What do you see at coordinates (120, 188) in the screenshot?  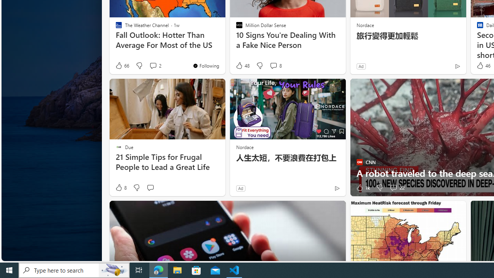 I see `'8 Like'` at bounding box center [120, 188].